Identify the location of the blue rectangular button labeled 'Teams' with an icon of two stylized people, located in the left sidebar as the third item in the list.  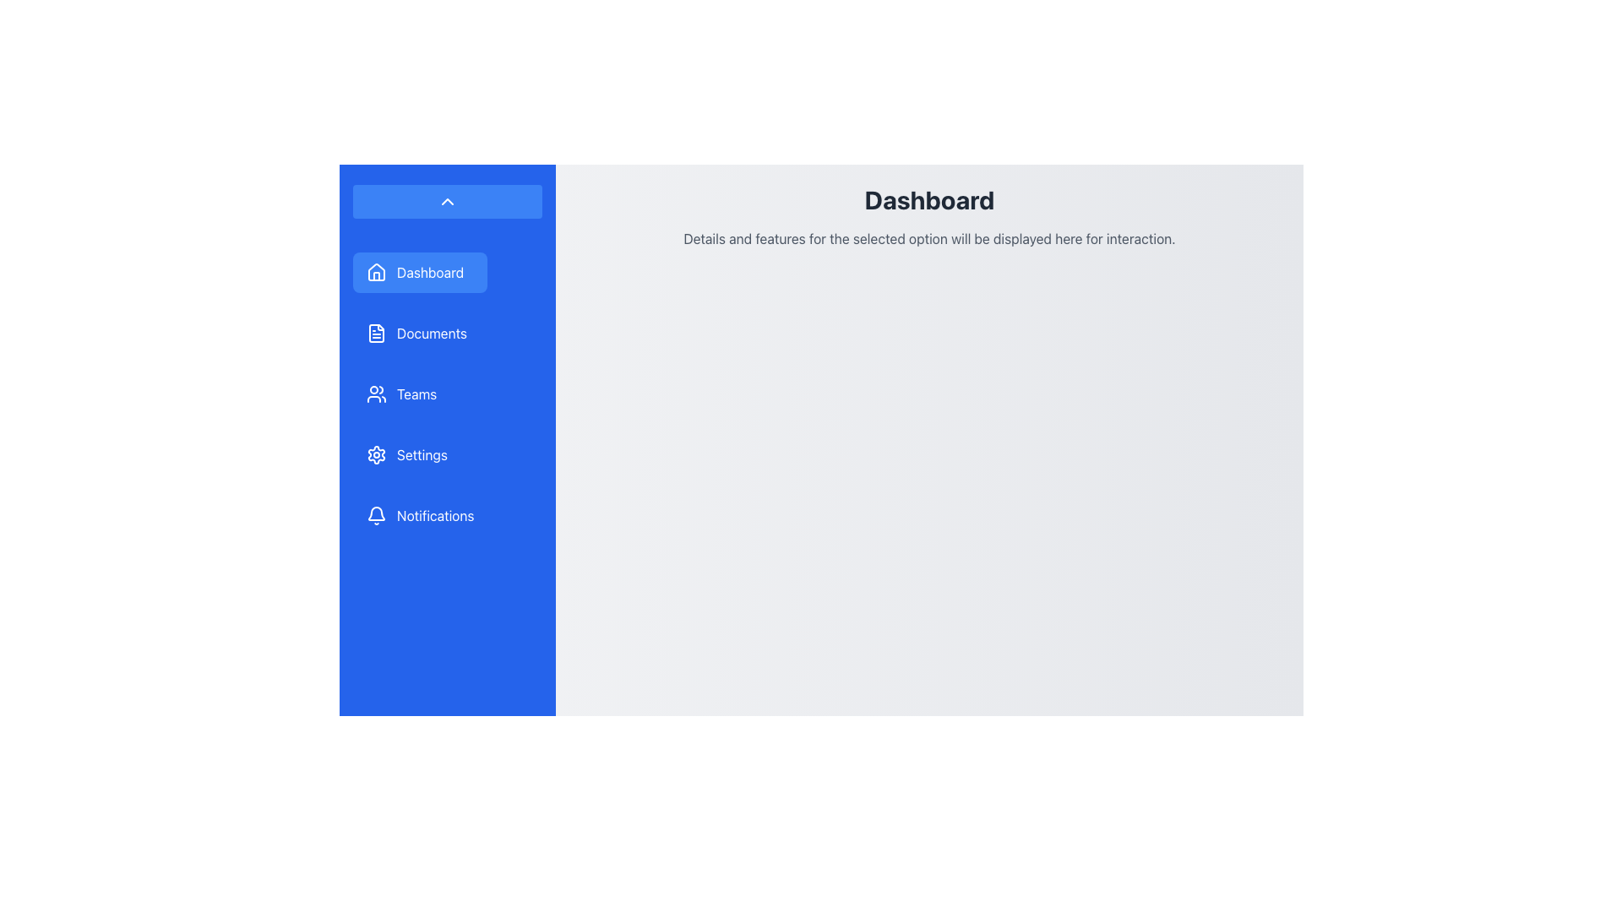
(420, 394).